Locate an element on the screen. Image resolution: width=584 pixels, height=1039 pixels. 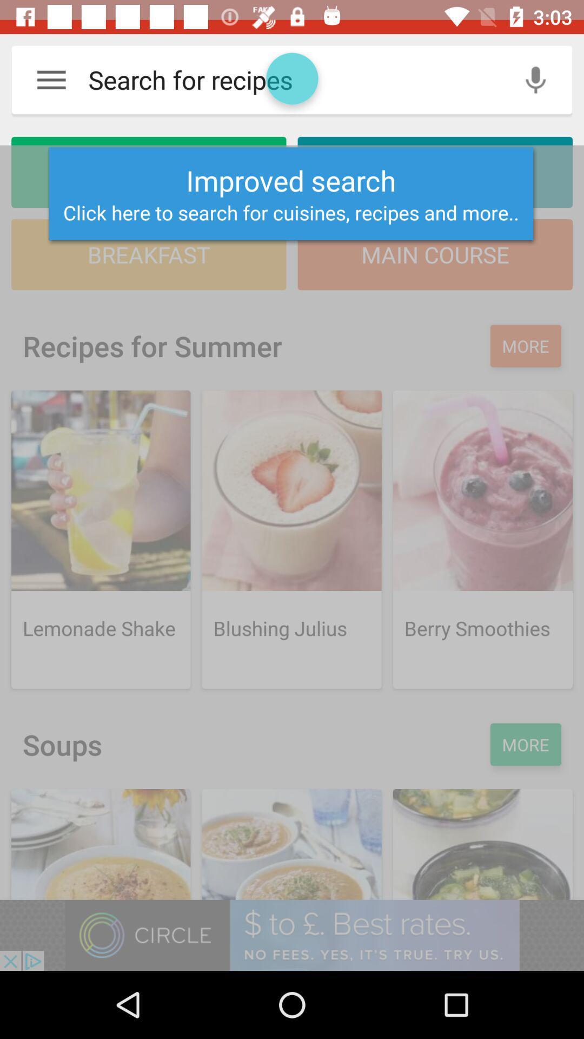
the green colored more button icon is located at coordinates (525, 744).